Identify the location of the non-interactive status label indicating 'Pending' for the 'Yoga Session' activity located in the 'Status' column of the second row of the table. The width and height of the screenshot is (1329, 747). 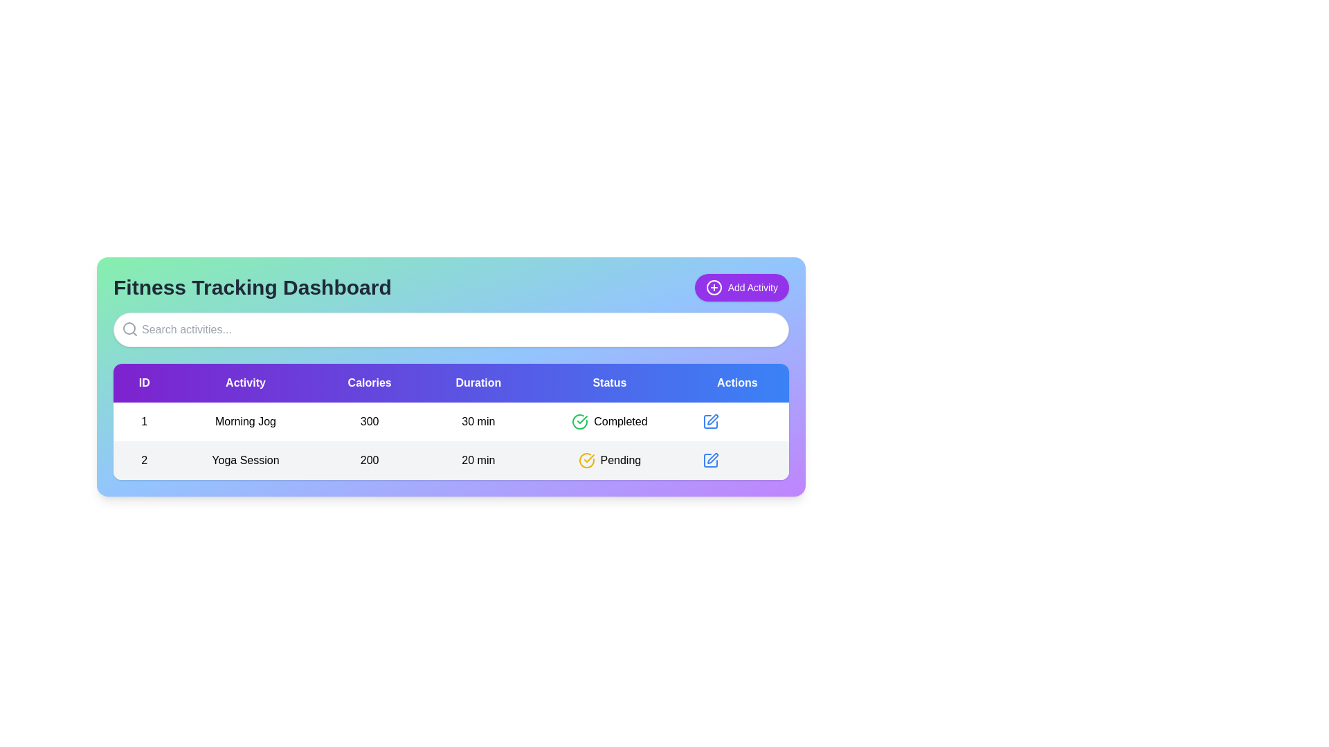
(609, 461).